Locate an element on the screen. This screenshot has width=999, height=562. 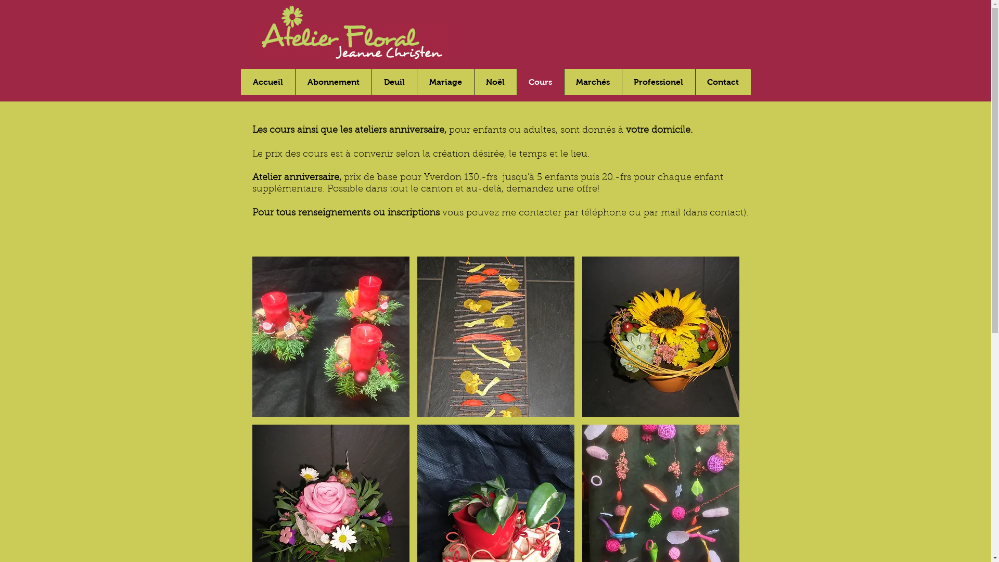
'Mariage' is located at coordinates (444, 82).